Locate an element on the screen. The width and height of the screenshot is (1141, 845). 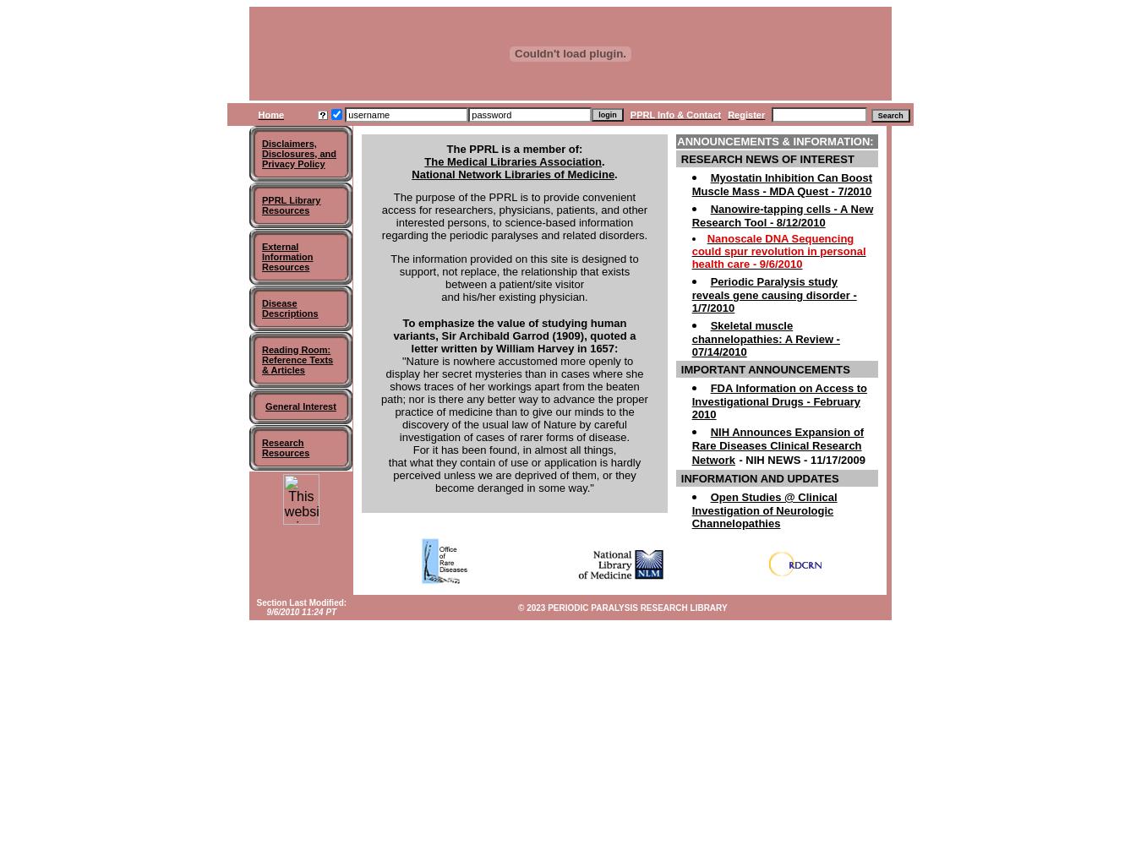
'Register' is located at coordinates (746, 114).